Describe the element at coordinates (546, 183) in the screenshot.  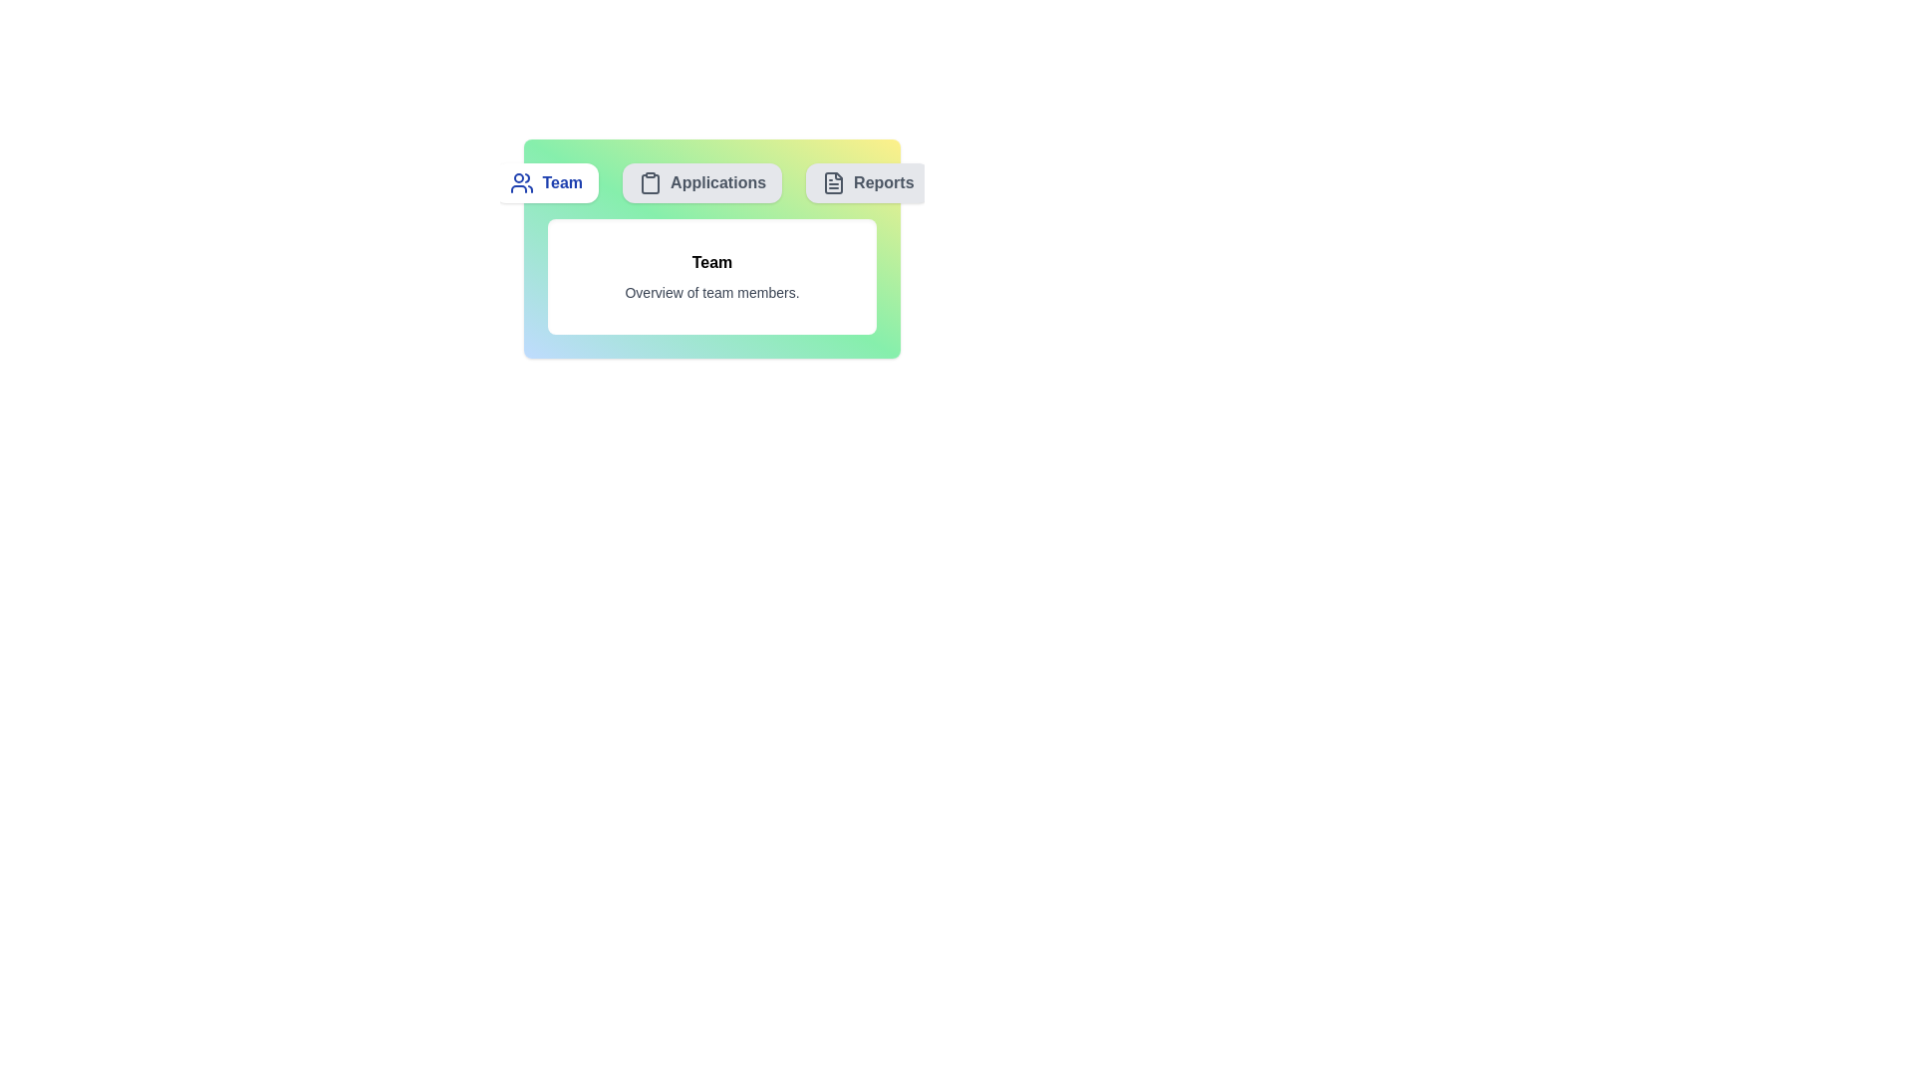
I see `the Team tab by clicking on its button` at that location.